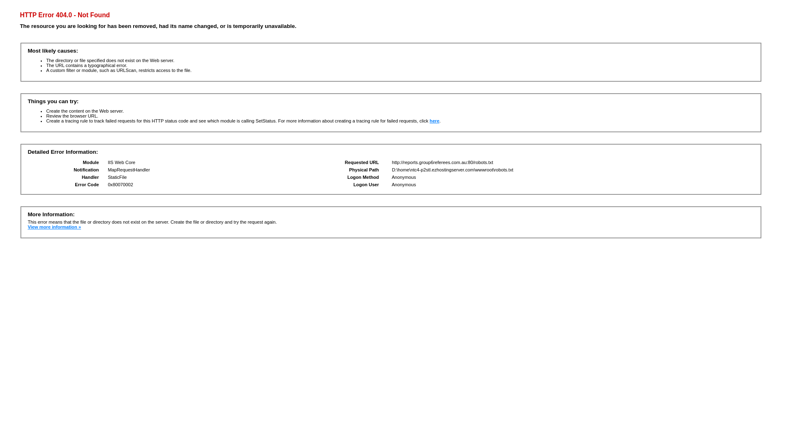  I want to click on 'here', so click(434, 120).